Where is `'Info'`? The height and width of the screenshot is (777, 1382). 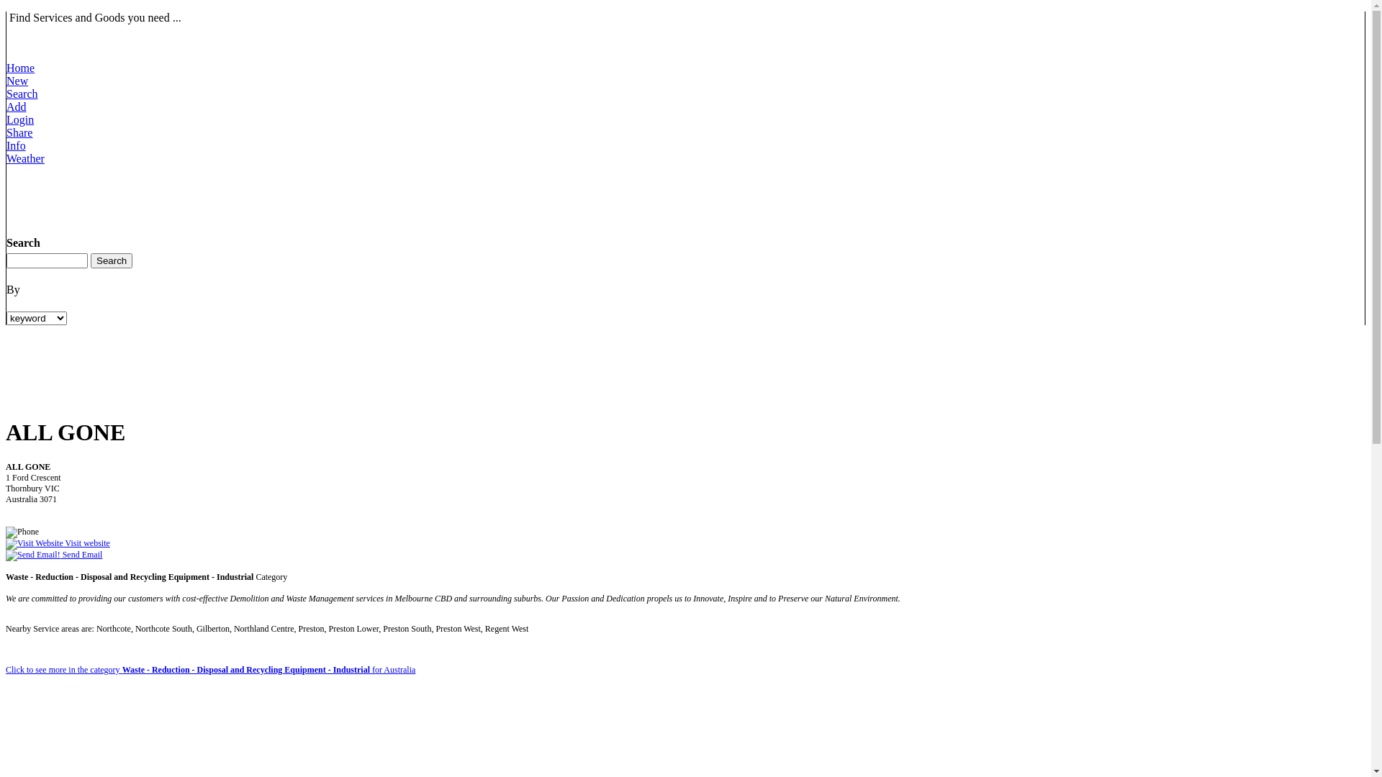
'Info' is located at coordinates (19, 152).